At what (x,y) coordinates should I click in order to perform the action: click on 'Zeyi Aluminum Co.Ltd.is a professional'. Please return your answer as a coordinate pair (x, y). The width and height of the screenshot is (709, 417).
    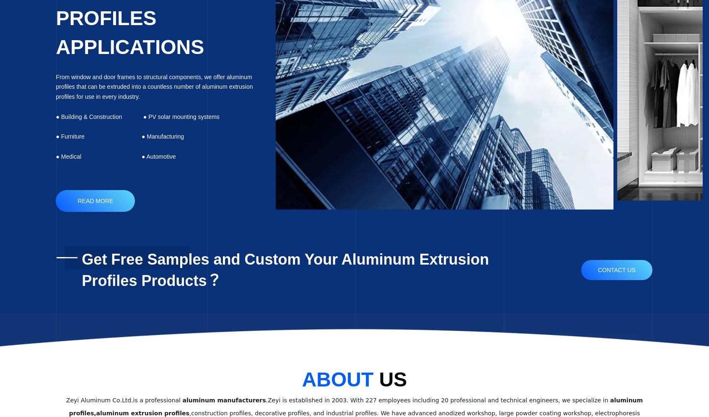
    Looking at the image, I should click on (123, 399).